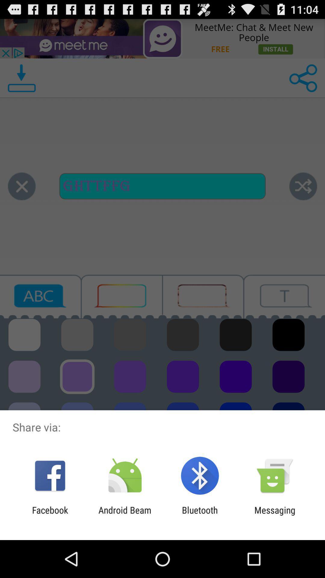 This screenshot has width=325, height=578. Describe the element at coordinates (200, 515) in the screenshot. I see `item to the left of messaging item` at that location.